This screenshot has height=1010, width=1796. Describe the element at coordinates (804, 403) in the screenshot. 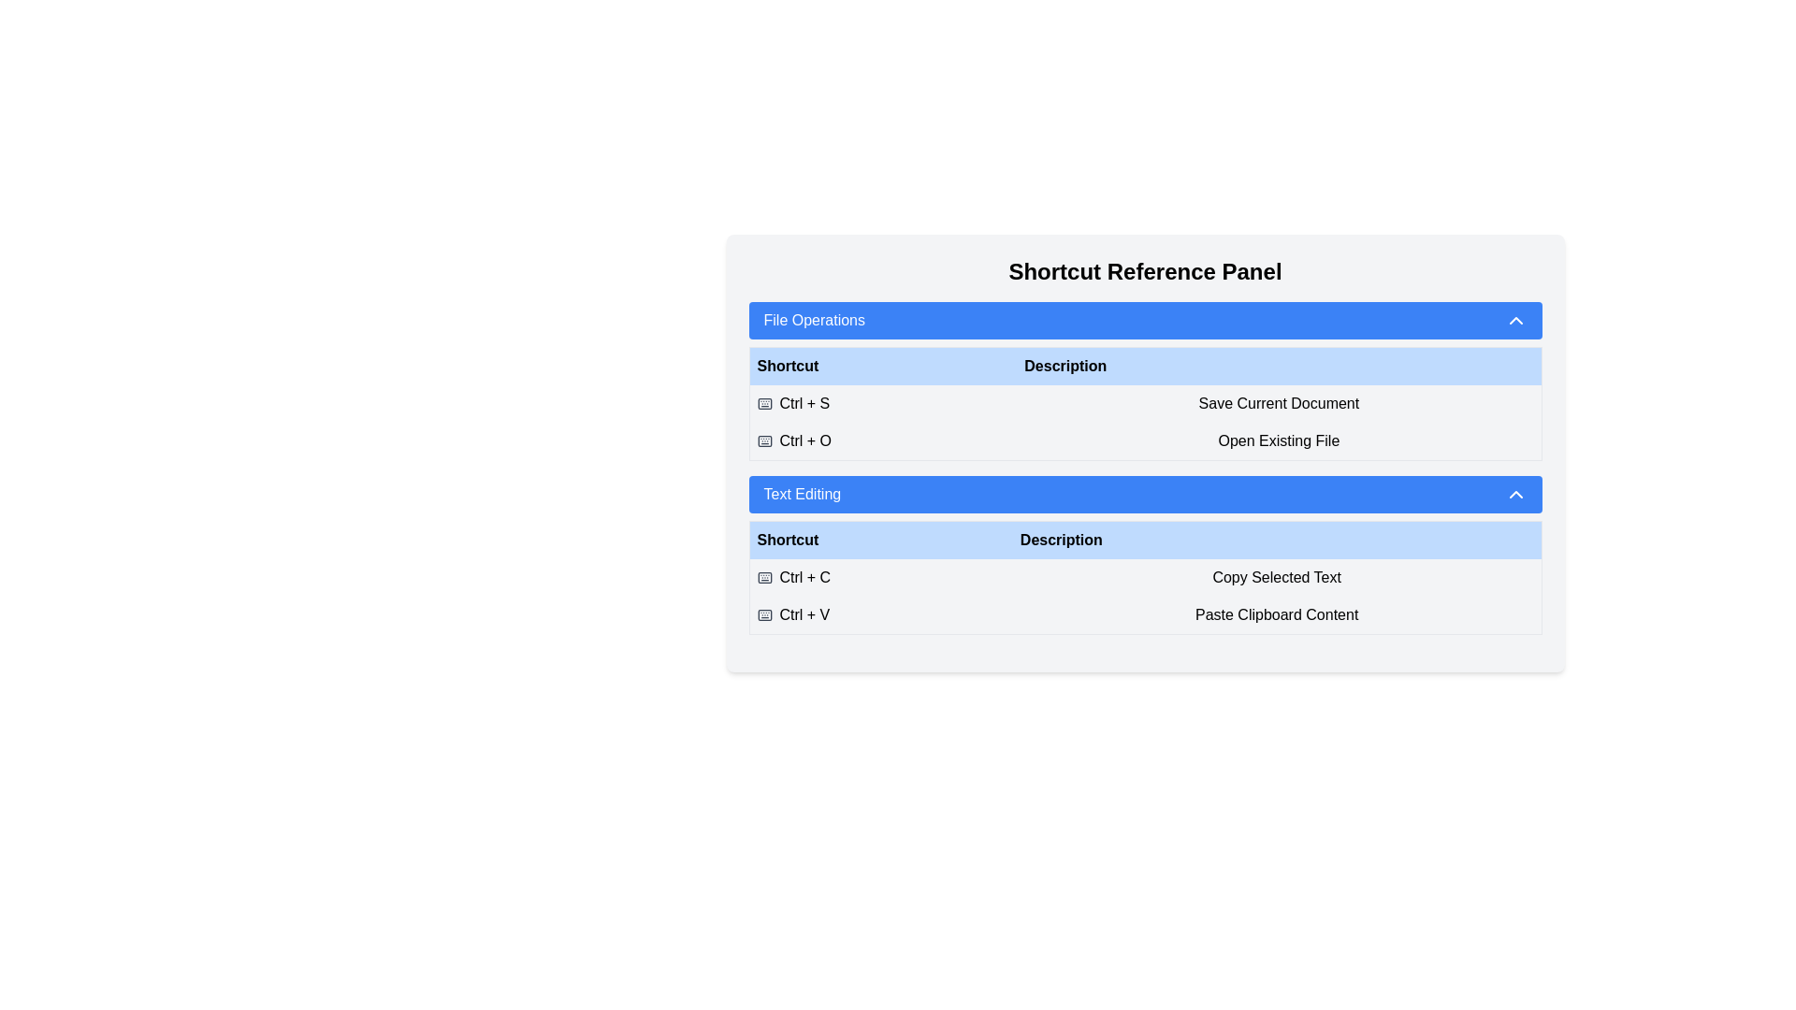

I see `the 'Ctrl + S' text label in the 'File Operations' section of the 'Shortcut Reference Panel', which is styled in black text on a white background and is located adjacent to a keyboard icon` at that location.